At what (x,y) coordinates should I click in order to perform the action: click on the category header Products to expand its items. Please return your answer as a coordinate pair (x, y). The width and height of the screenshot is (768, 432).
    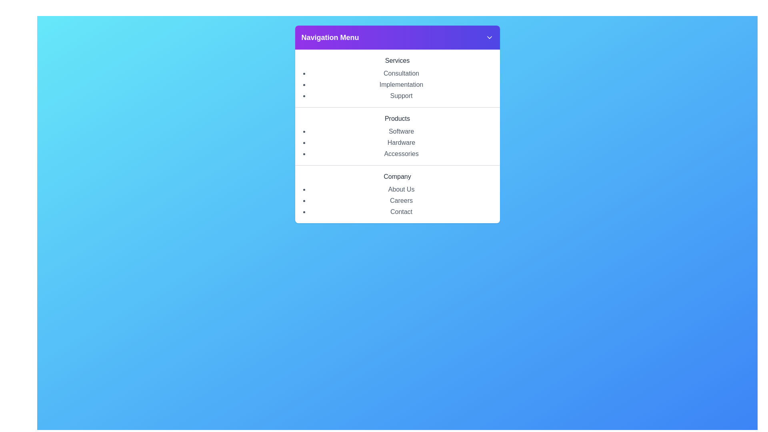
    Looking at the image, I should click on (397, 119).